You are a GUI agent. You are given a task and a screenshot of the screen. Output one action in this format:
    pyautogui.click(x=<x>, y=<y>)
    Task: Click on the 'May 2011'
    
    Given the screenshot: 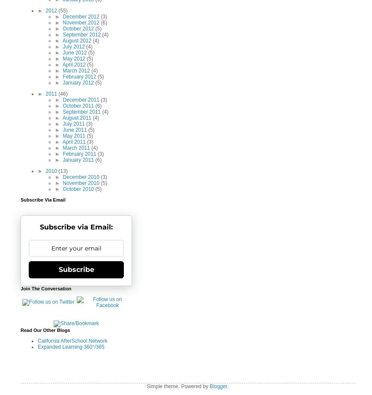 What is the action you would take?
    pyautogui.click(x=62, y=136)
    